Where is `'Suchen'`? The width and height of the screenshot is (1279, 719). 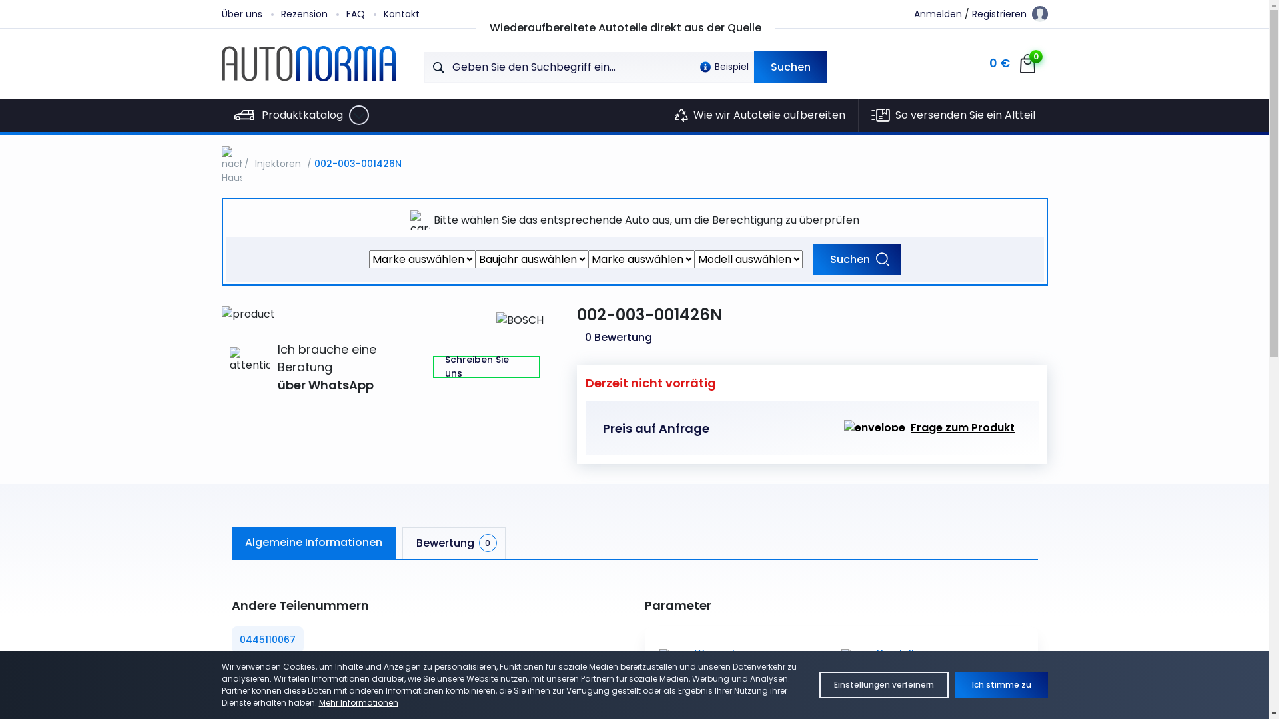 'Suchen' is located at coordinates (790, 67).